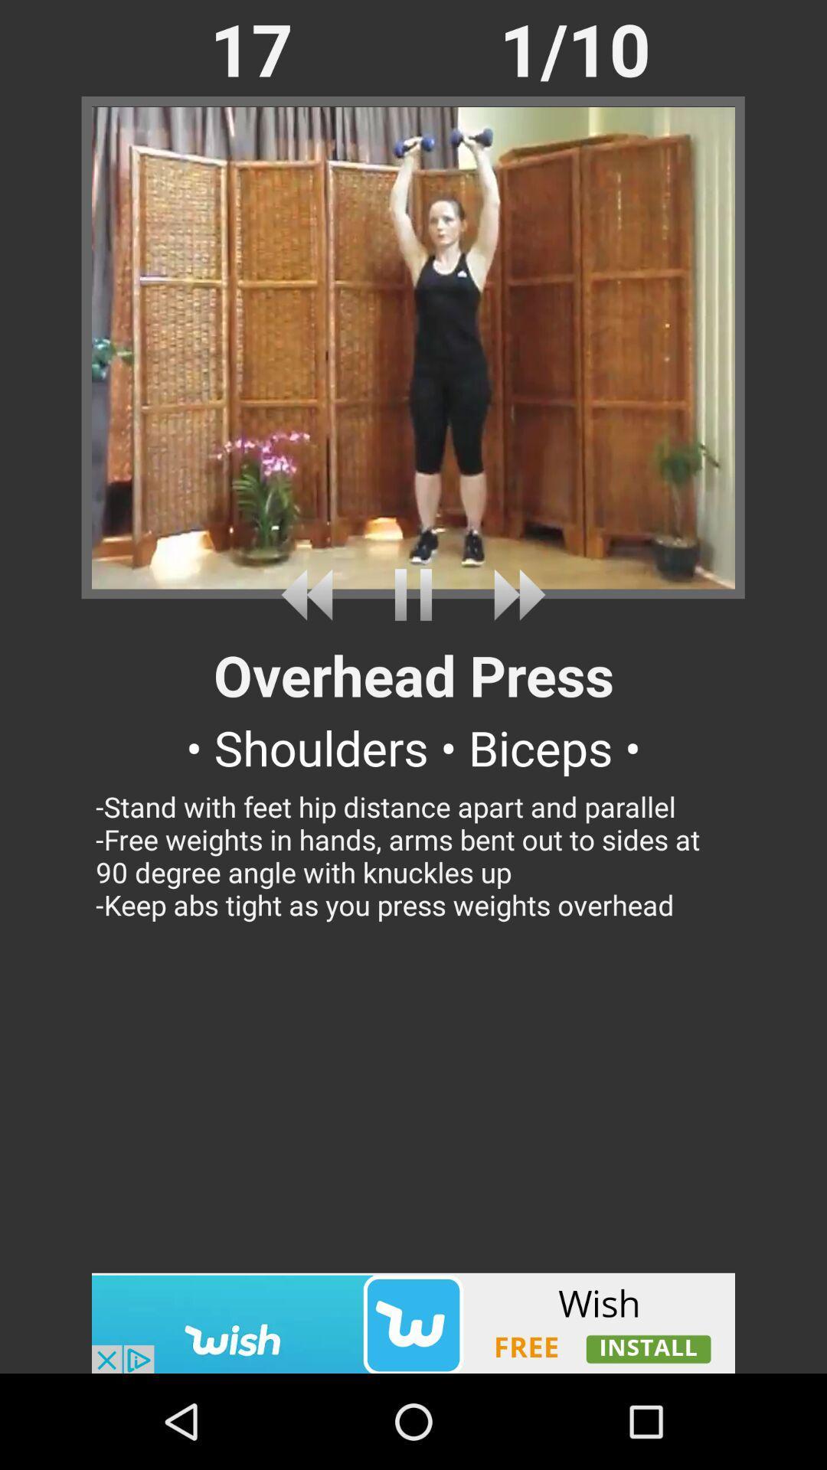 This screenshot has height=1470, width=827. Describe the element at coordinates (413, 594) in the screenshot. I see `pause/resume video` at that location.